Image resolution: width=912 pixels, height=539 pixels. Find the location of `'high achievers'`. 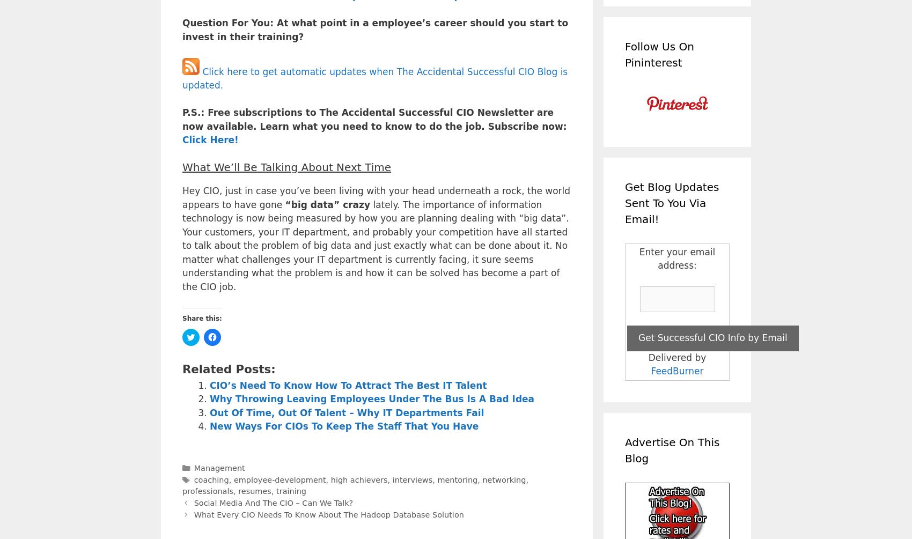

'high achievers' is located at coordinates (358, 479).